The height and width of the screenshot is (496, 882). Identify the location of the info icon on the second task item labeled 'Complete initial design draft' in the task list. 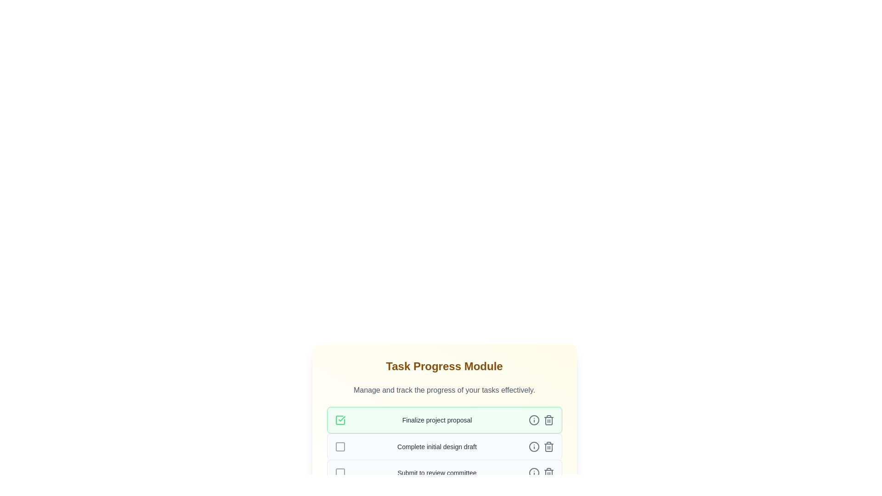
(444, 446).